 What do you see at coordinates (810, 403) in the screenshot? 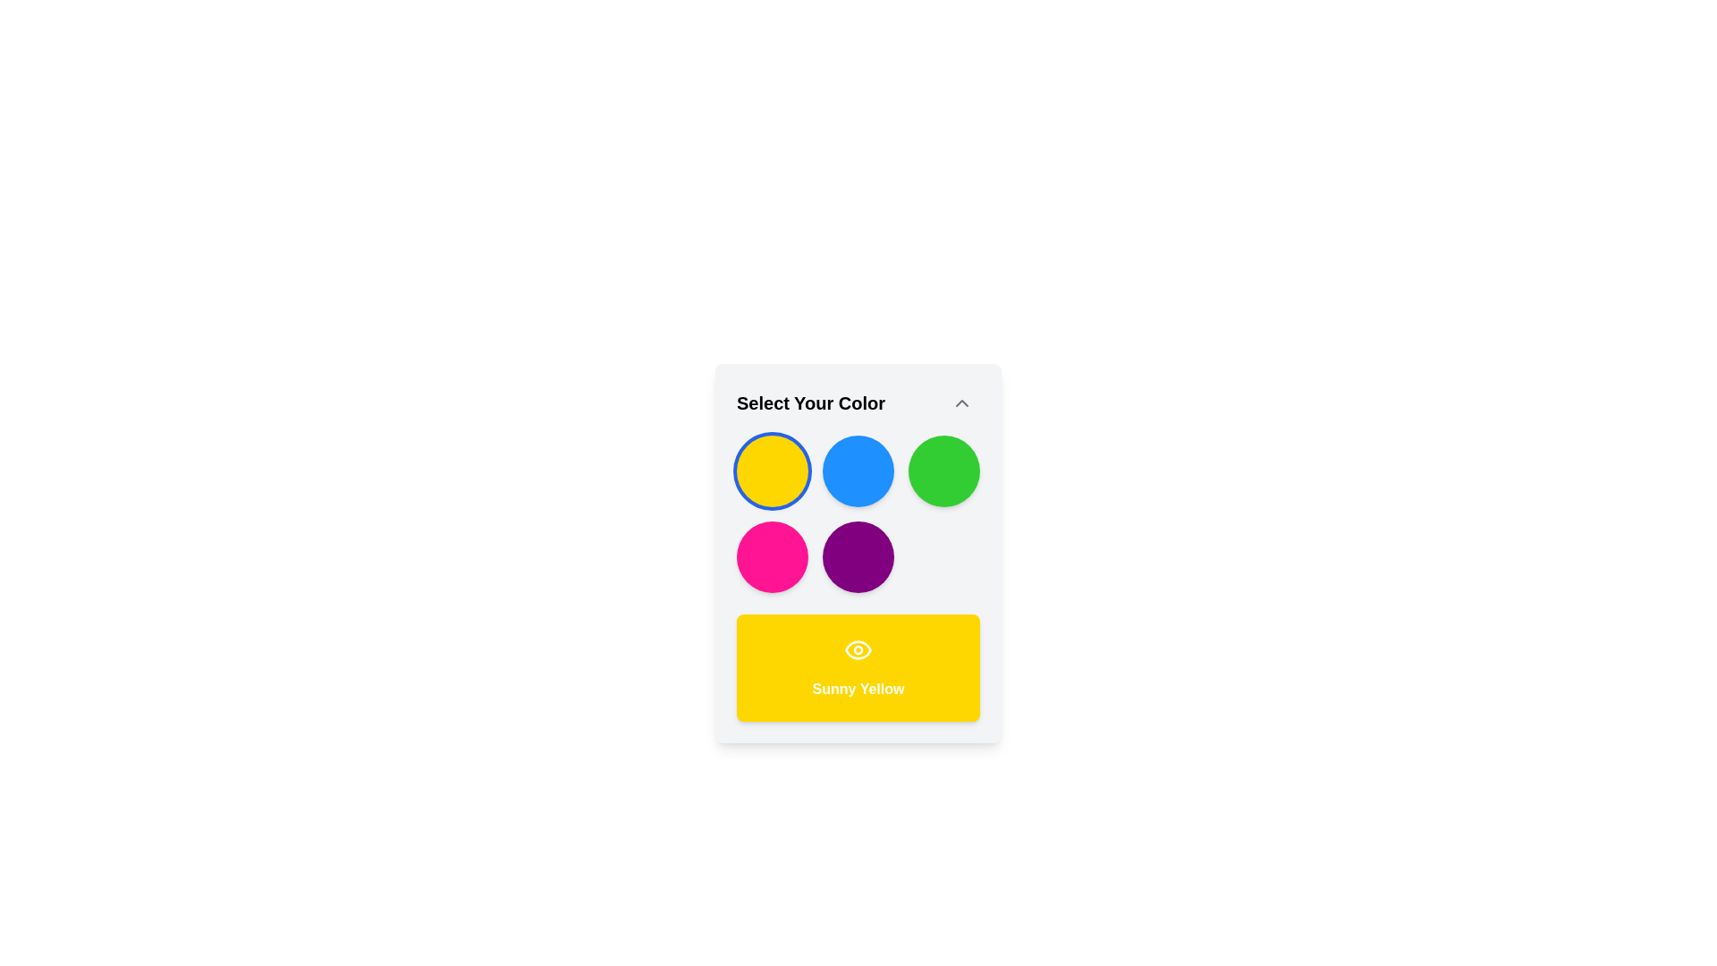
I see `the static text 'Select Your Color'` at bounding box center [810, 403].